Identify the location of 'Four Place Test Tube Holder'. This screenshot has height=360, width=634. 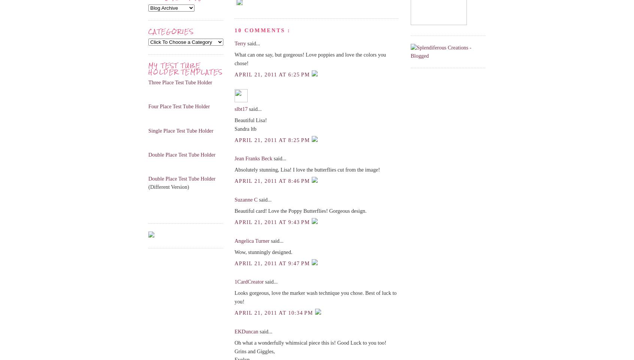
(178, 106).